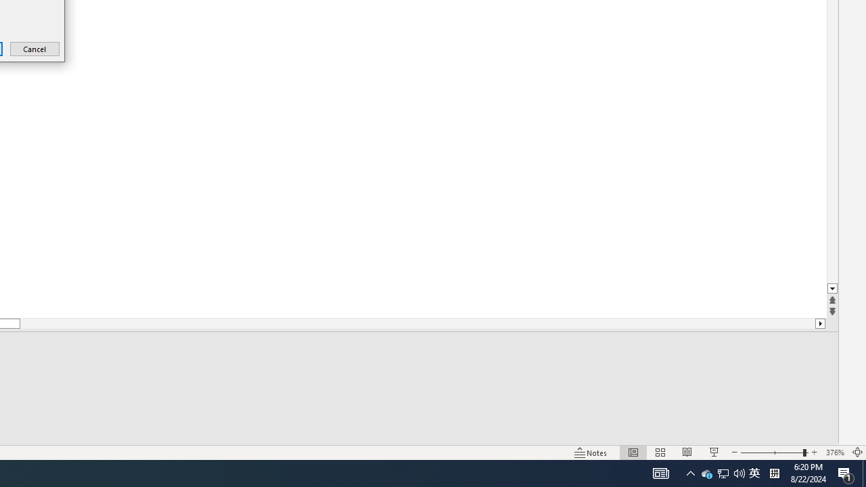  Describe the element at coordinates (723, 472) in the screenshot. I see `'User Promoted Notification Area'` at that location.